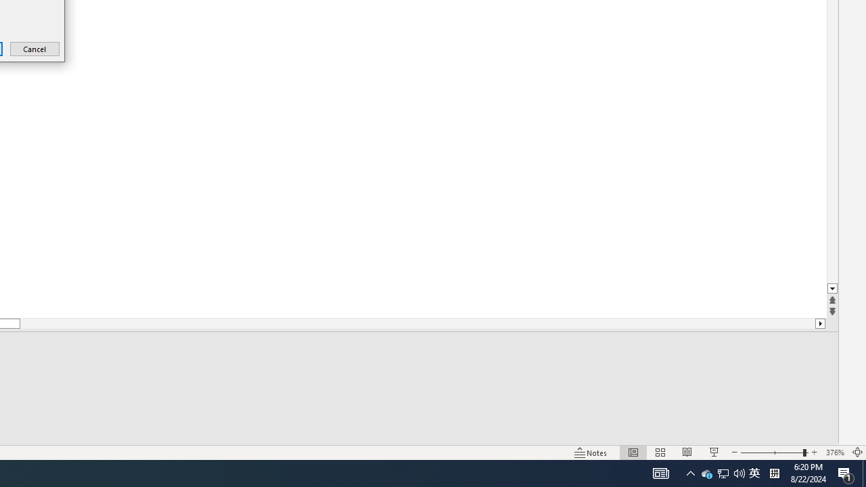  Describe the element at coordinates (723, 472) in the screenshot. I see `'User Promoted Notification Area'` at that location.